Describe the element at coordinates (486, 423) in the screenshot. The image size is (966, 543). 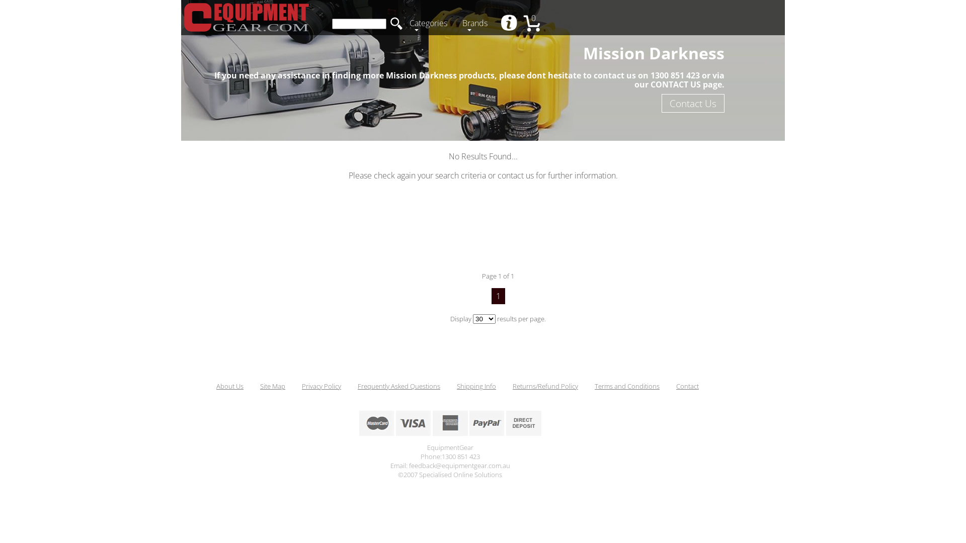
I see `'Paypal Accepted'` at that location.